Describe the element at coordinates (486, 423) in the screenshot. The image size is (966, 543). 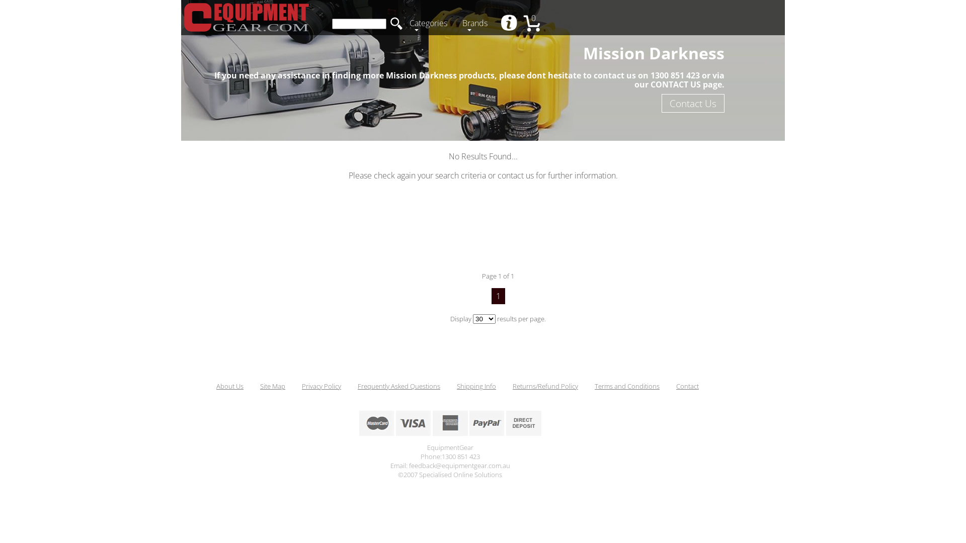
I see `'Paypal Accepted'` at that location.